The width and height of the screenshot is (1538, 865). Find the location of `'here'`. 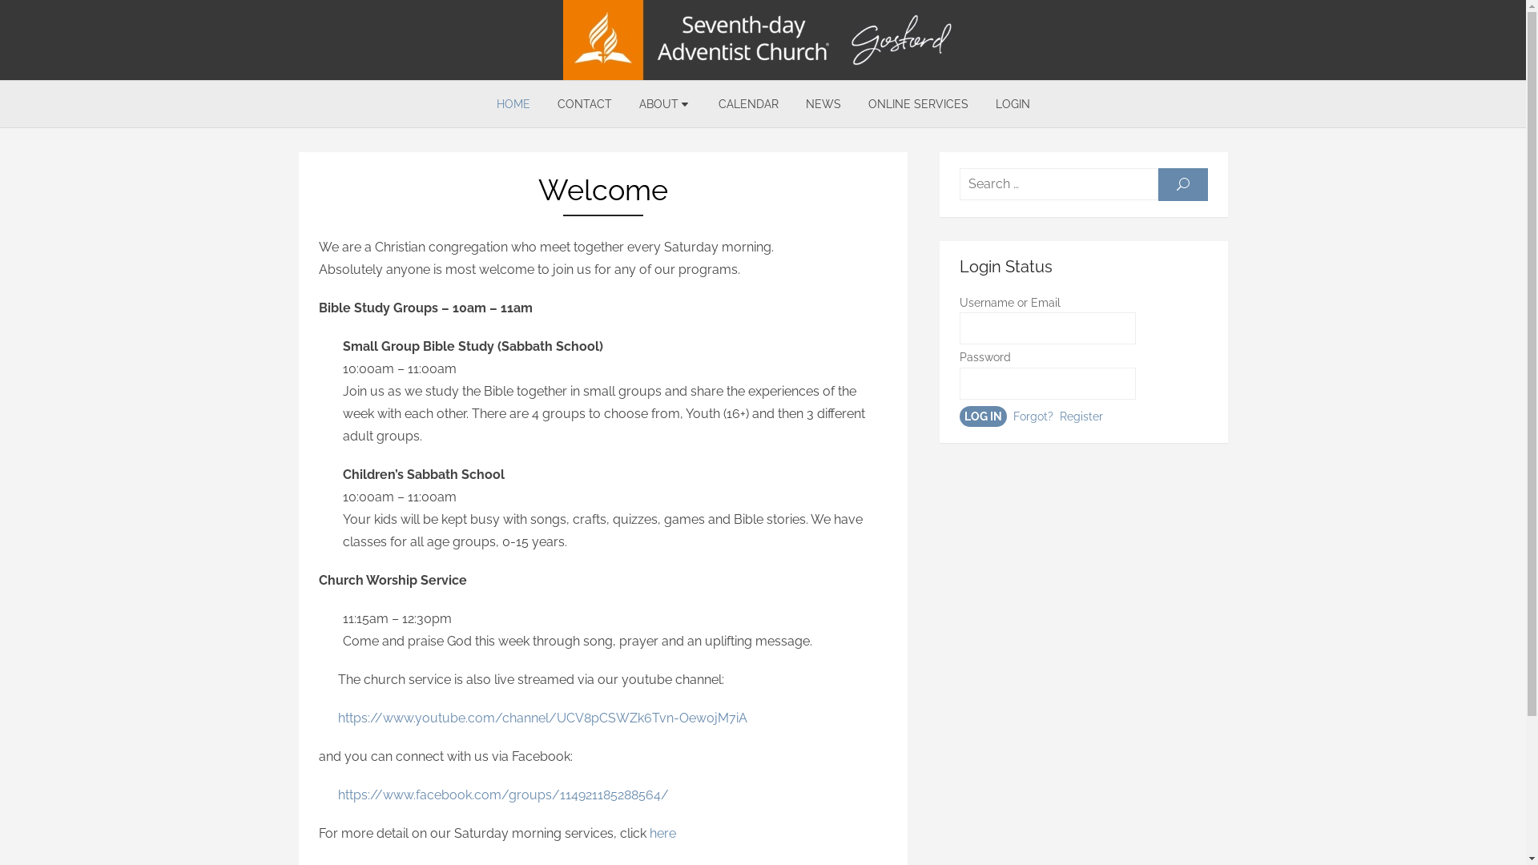

'here' is located at coordinates (662, 832).